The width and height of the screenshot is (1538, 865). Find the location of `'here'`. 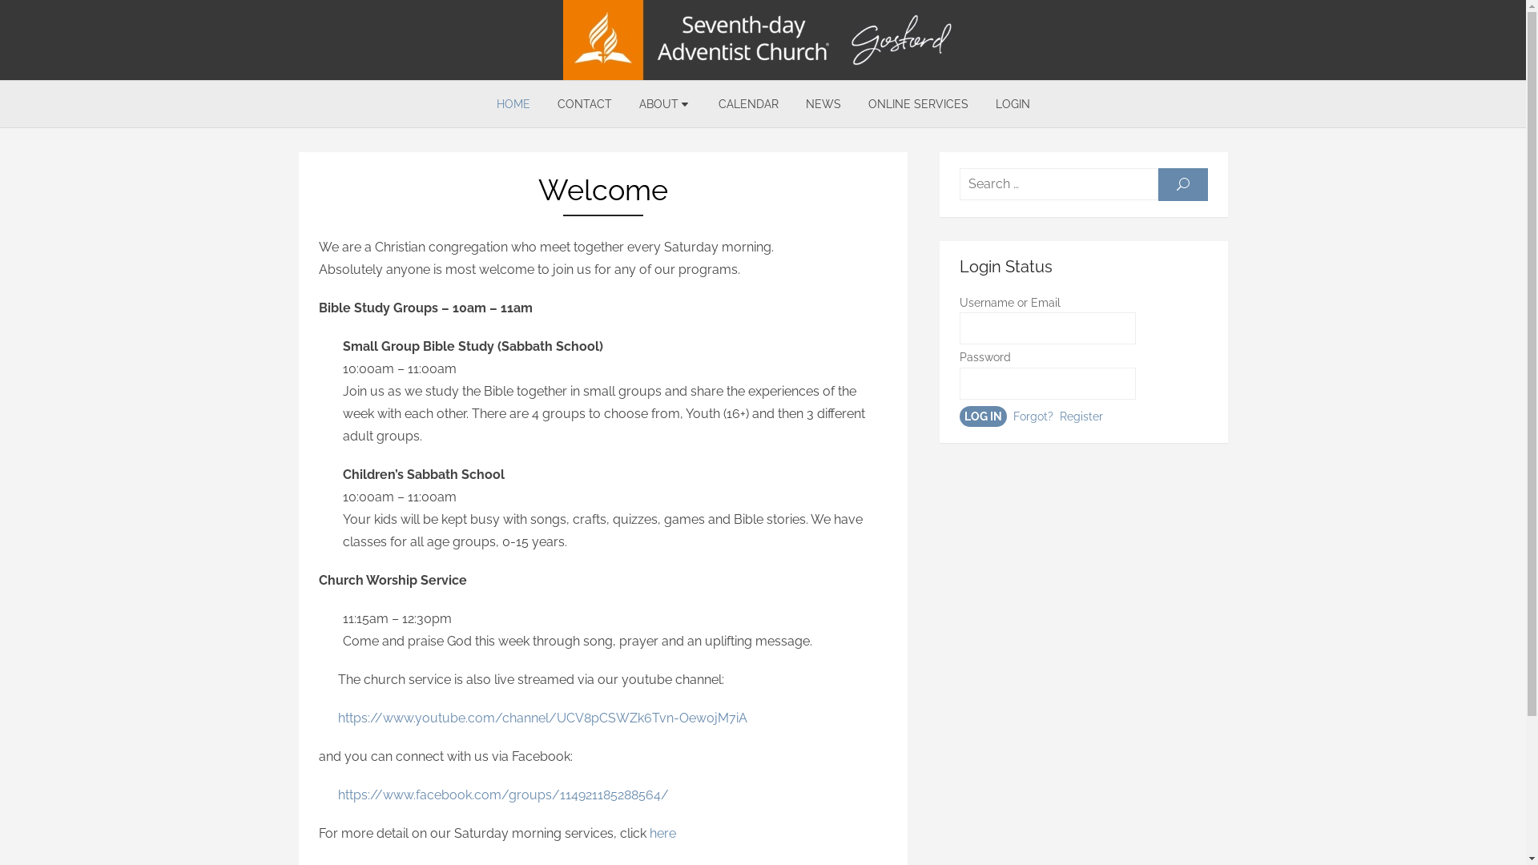

'here' is located at coordinates (662, 832).